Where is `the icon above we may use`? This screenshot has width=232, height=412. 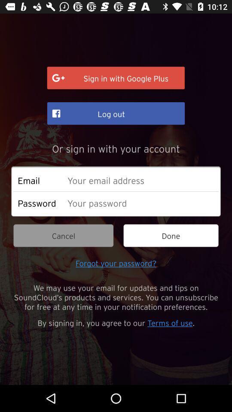 the icon above we may use is located at coordinates (116, 262).